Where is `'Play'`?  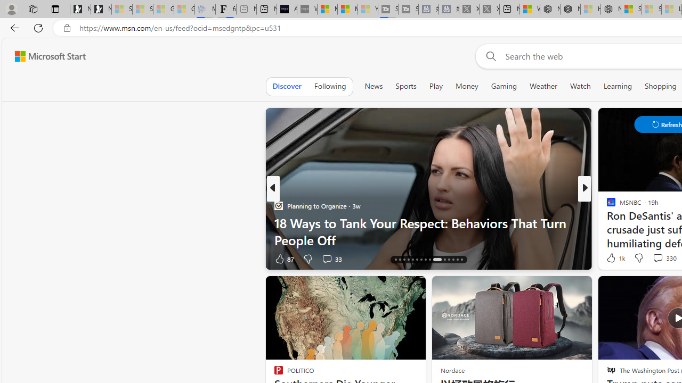 'Play' is located at coordinates (436, 86).